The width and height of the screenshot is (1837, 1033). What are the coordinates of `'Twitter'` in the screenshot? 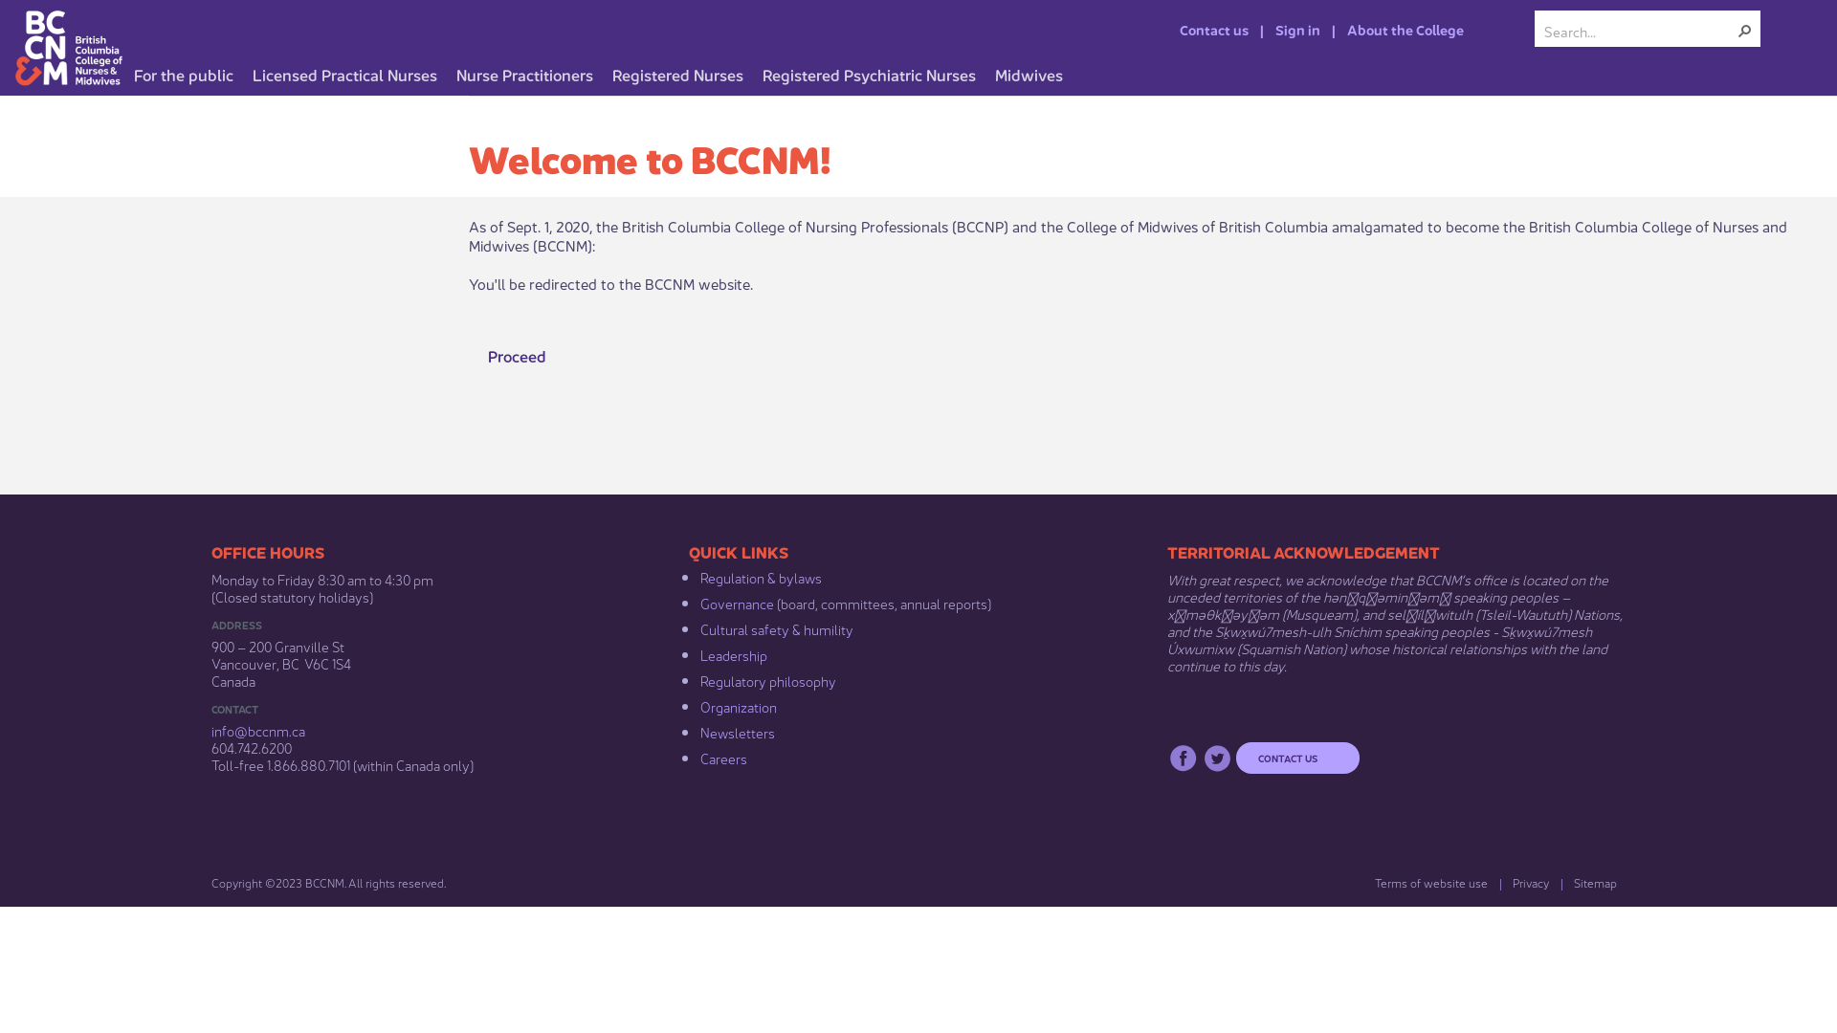 It's located at (1216, 757).